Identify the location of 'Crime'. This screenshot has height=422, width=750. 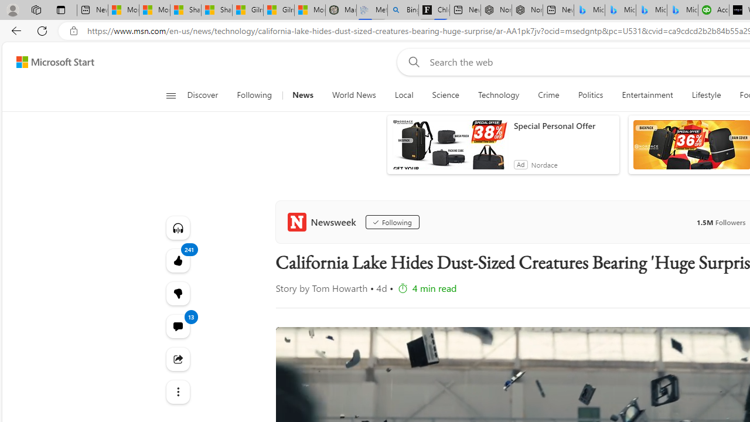
(548, 95).